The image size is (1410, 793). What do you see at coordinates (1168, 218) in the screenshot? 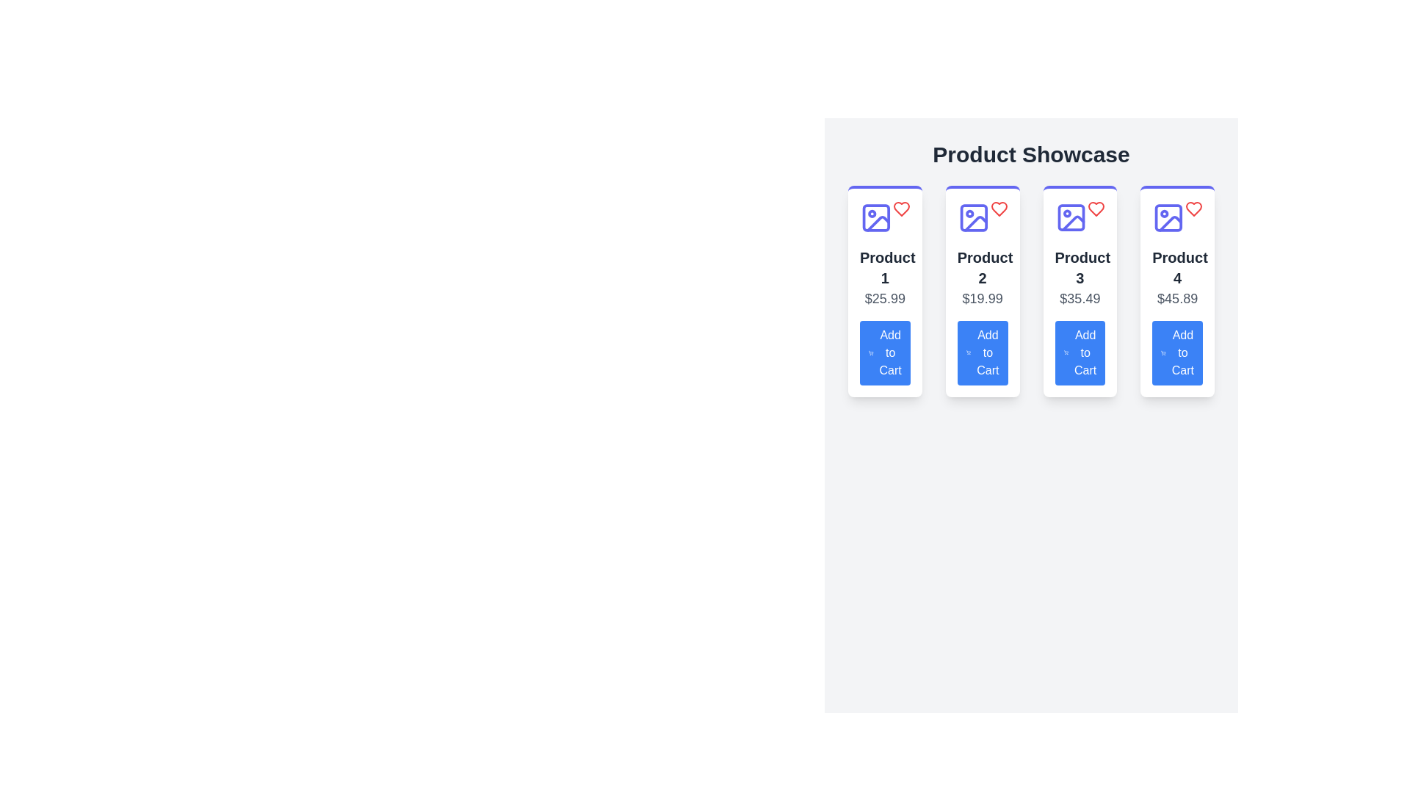
I see `the SVG rectangular shape with rounded edges located in the icon area of the fourth product card, which displays product details` at bounding box center [1168, 218].